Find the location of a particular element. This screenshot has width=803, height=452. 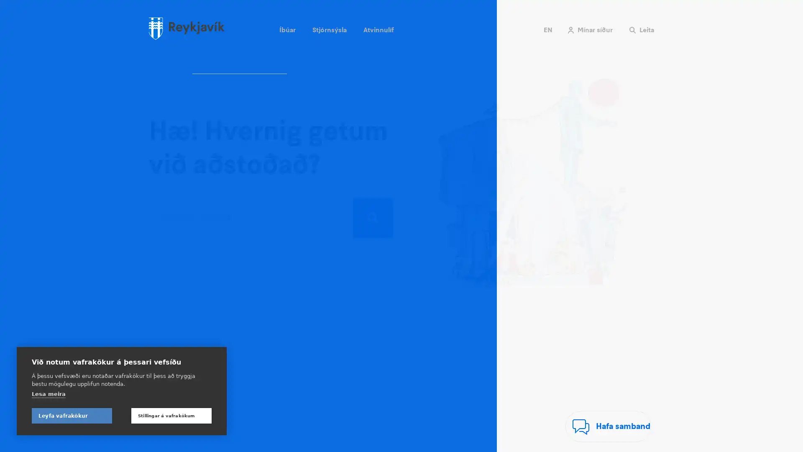

Leita is located at coordinates (373, 217).